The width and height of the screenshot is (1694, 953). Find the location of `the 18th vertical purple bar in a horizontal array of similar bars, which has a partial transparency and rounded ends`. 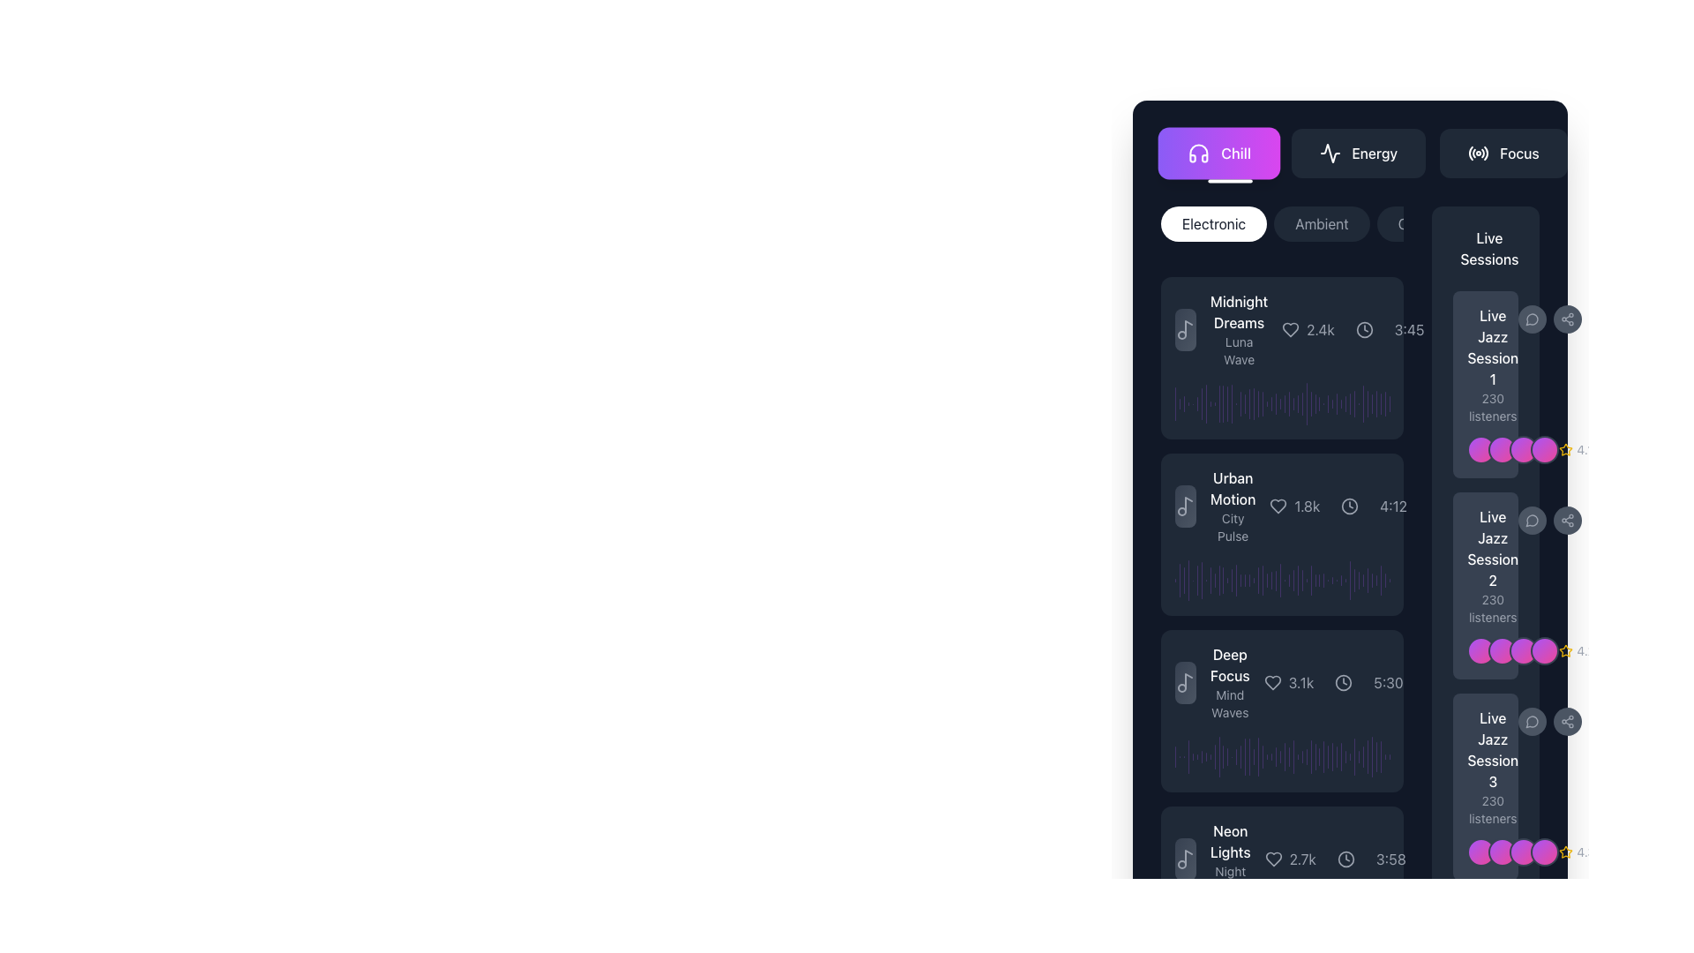

the 18th vertical purple bar in a horizontal array of similar bars, which has a partial transparency and rounded ends is located at coordinates (1248, 755).